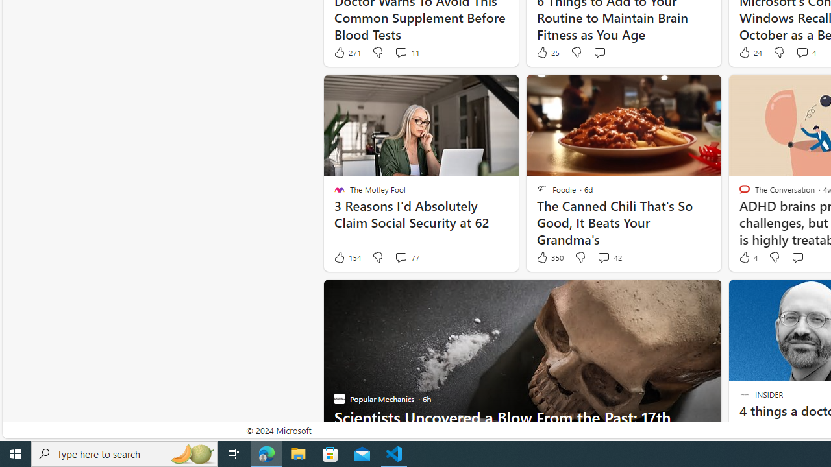  Describe the element at coordinates (797, 257) in the screenshot. I see `'Start the conversation'` at that location.